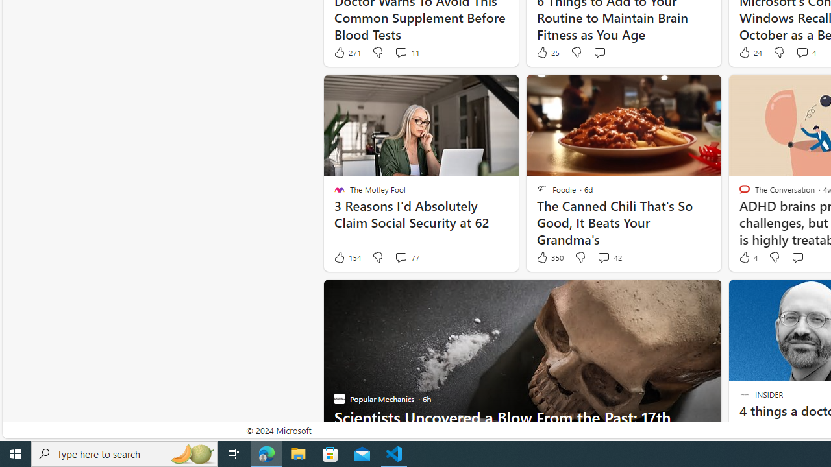  Describe the element at coordinates (797, 257) in the screenshot. I see `'Start the conversation'` at that location.